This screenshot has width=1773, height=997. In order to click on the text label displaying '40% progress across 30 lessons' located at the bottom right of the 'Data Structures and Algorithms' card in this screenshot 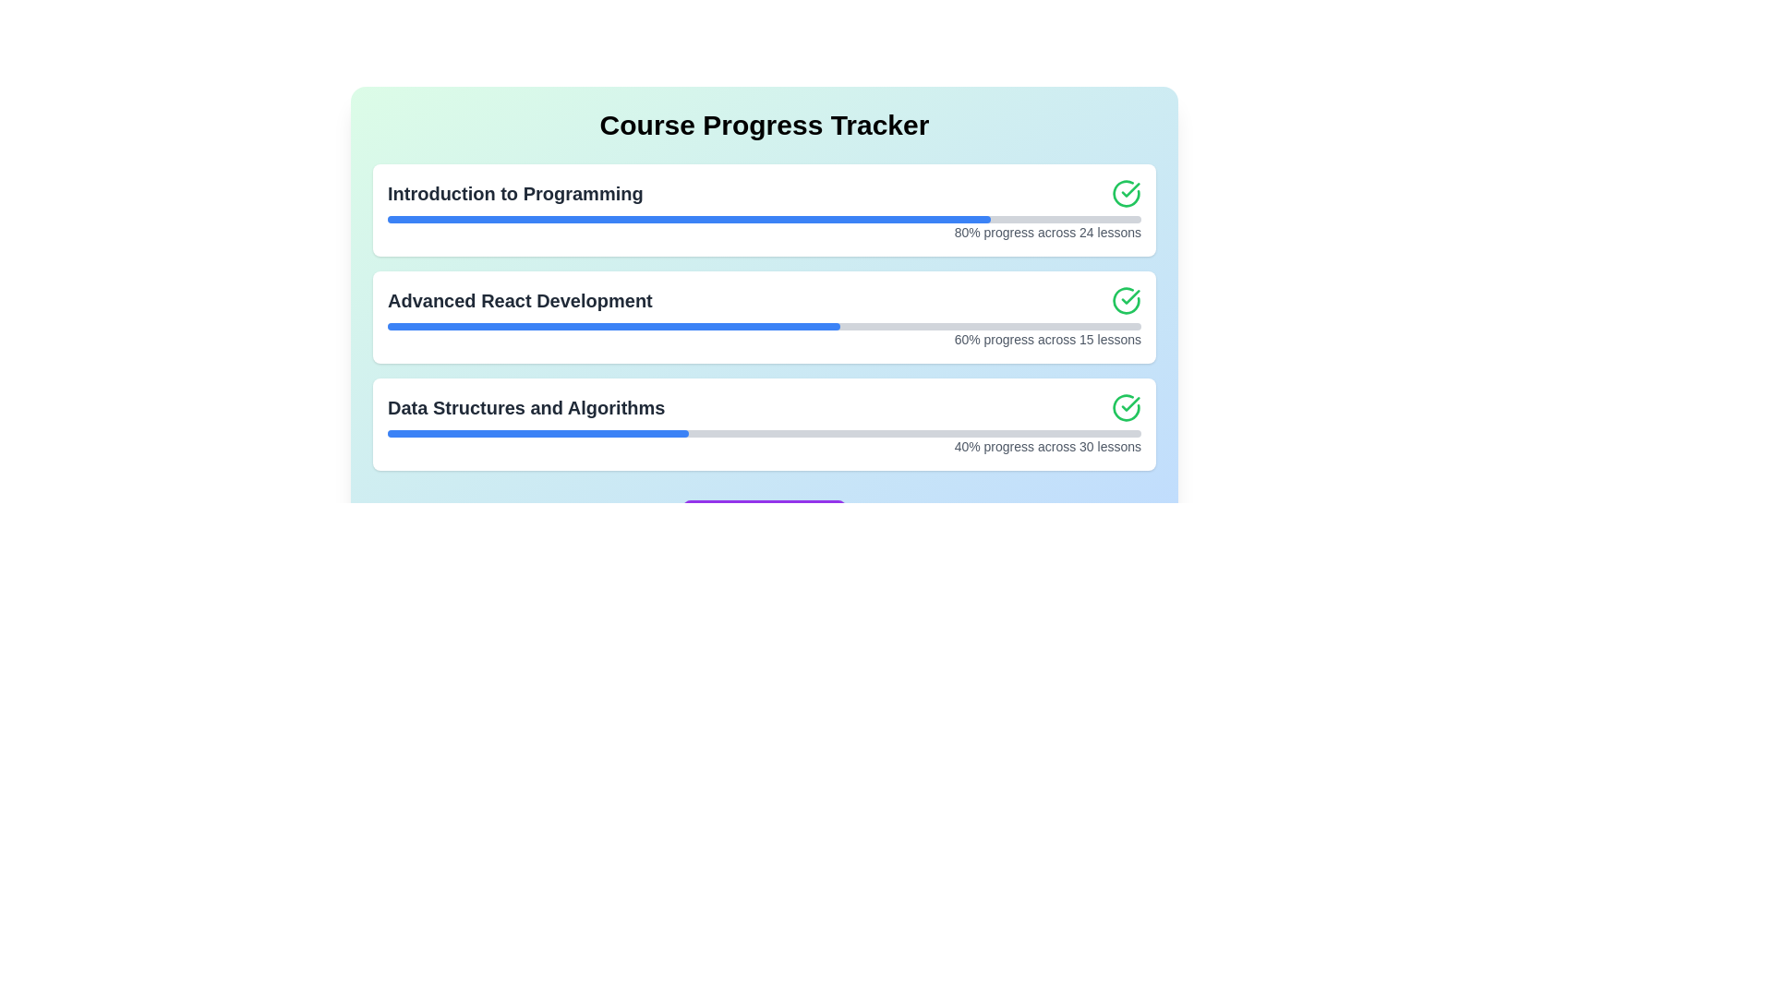, I will do `click(765, 446)`.